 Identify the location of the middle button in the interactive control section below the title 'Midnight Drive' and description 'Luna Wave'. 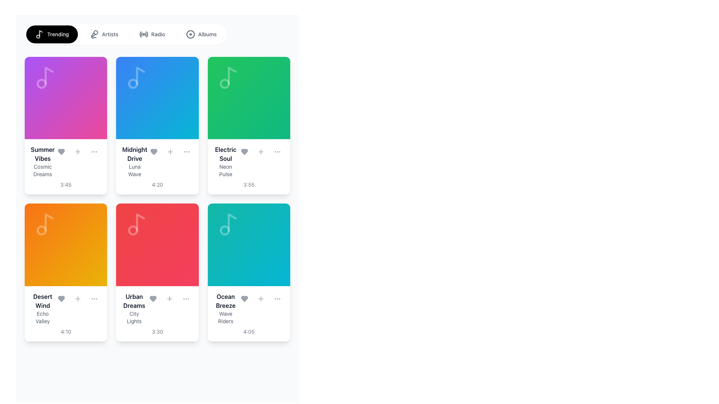
(170, 151).